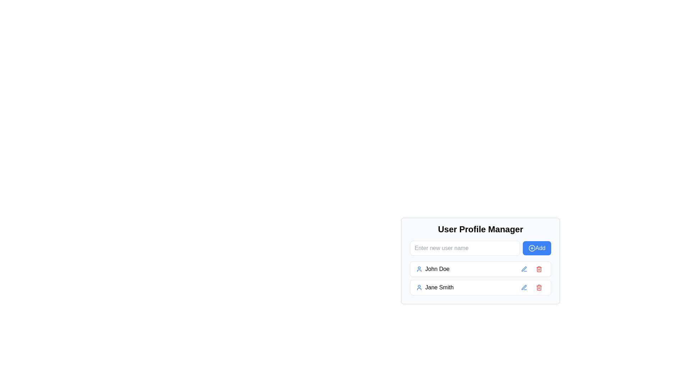  Describe the element at coordinates (532, 248) in the screenshot. I see `the 'Add' button located at the upper-right side of the 'User Profile Manager' card by clicking on its graphical circle element` at that location.